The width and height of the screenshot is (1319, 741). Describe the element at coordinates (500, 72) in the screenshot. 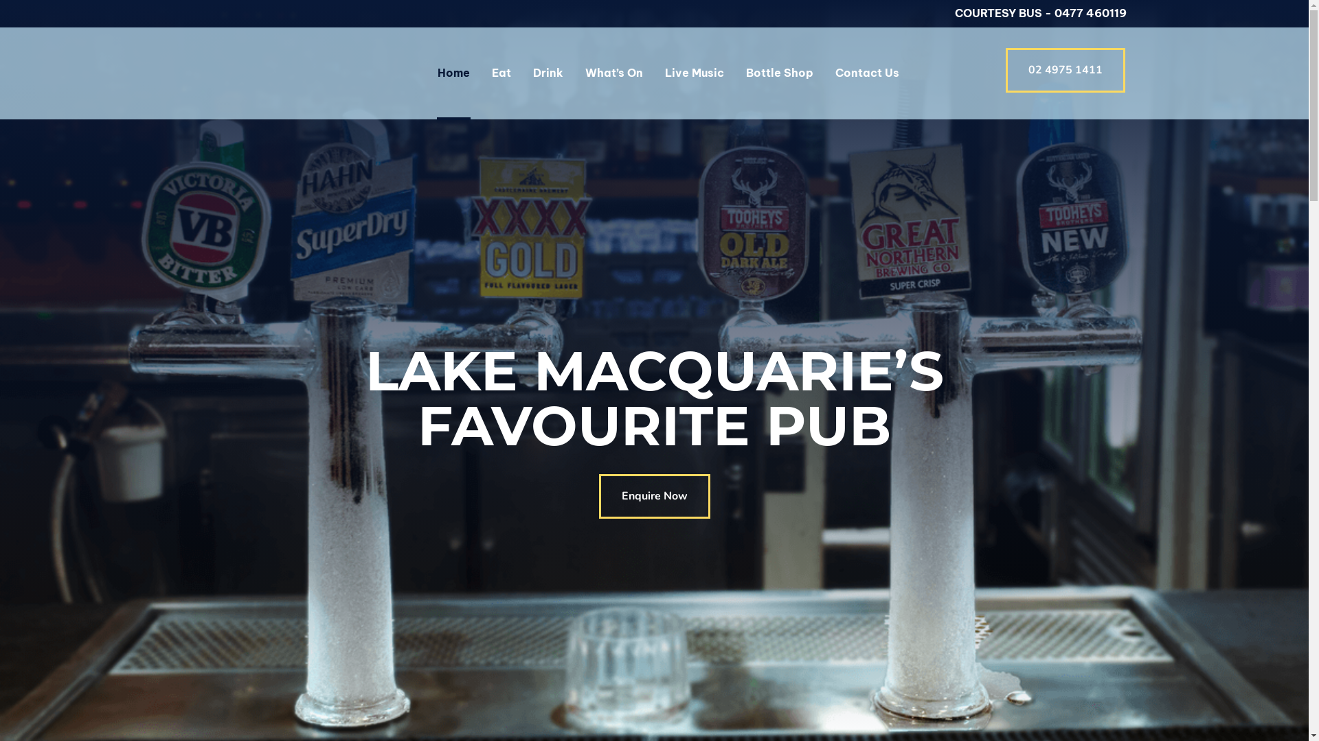

I see `'Eat'` at that location.